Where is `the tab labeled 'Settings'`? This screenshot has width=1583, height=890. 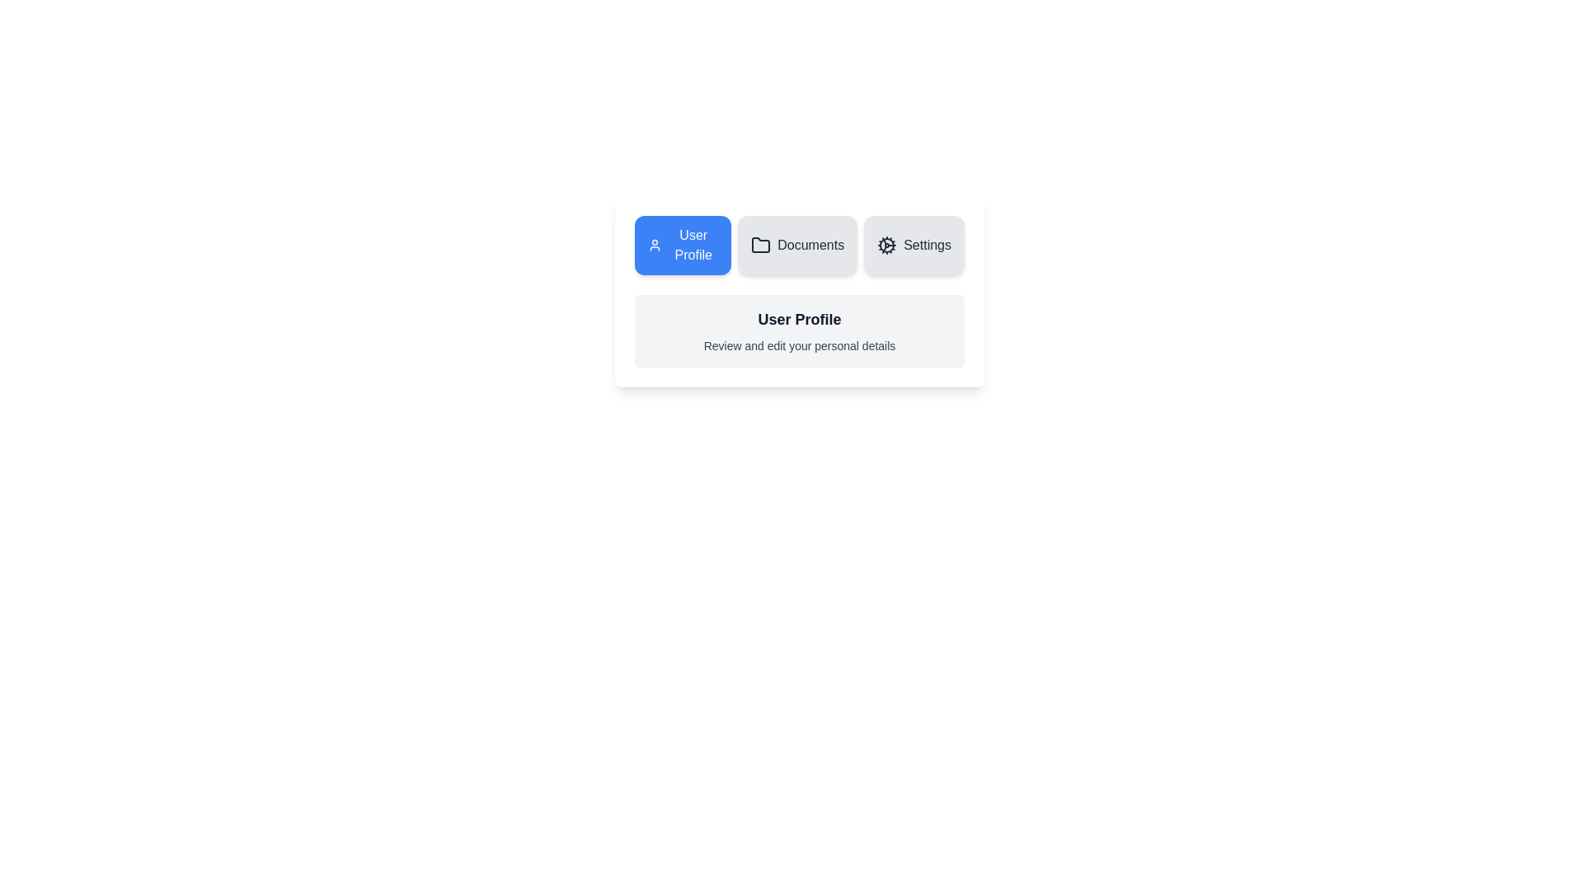 the tab labeled 'Settings' is located at coordinates (913, 245).